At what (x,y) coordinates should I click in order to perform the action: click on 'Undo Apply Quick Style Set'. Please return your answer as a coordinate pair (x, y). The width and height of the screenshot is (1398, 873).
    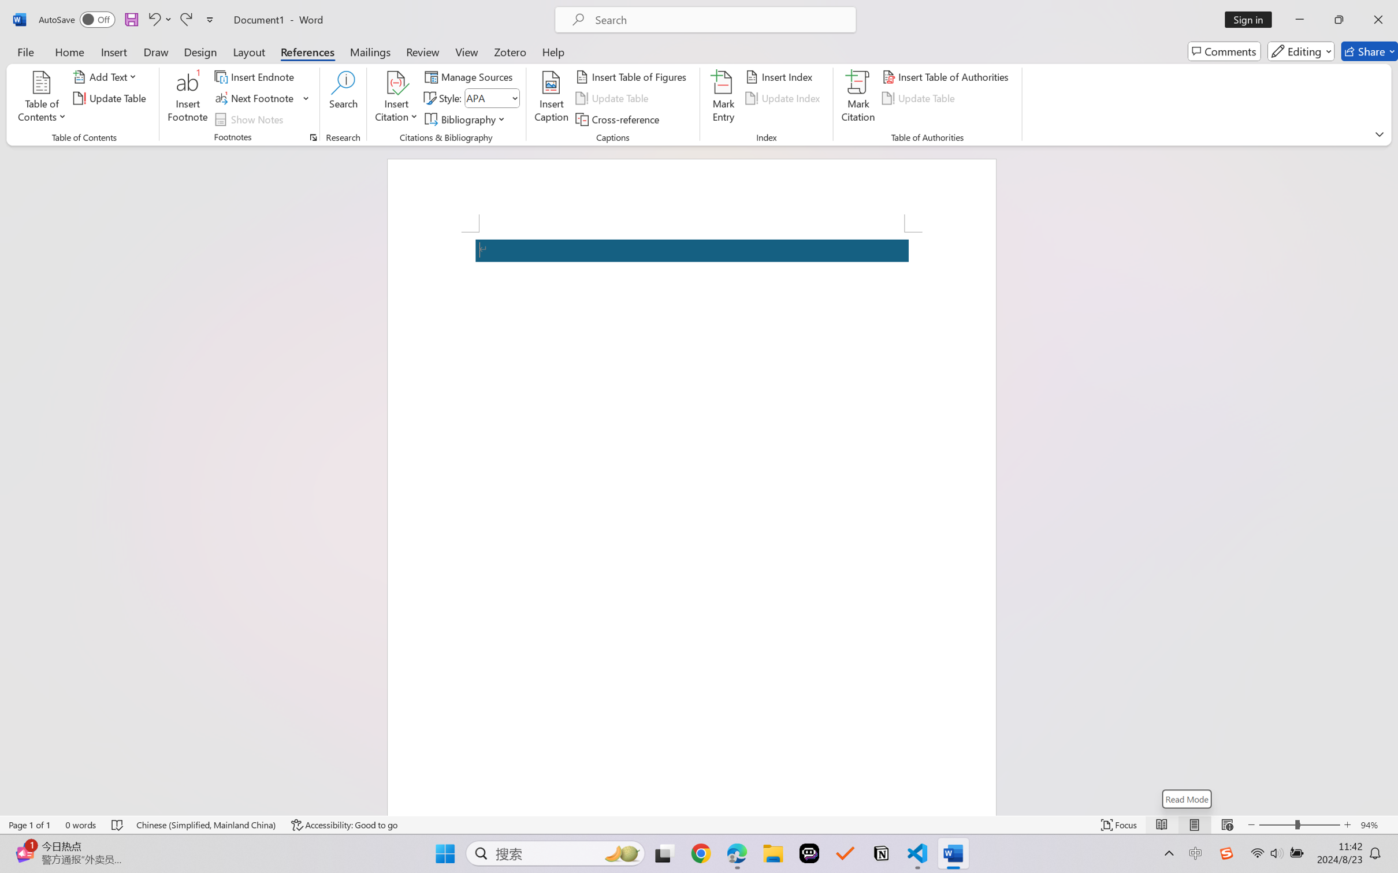
    Looking at the image, I should click on (153, 19).